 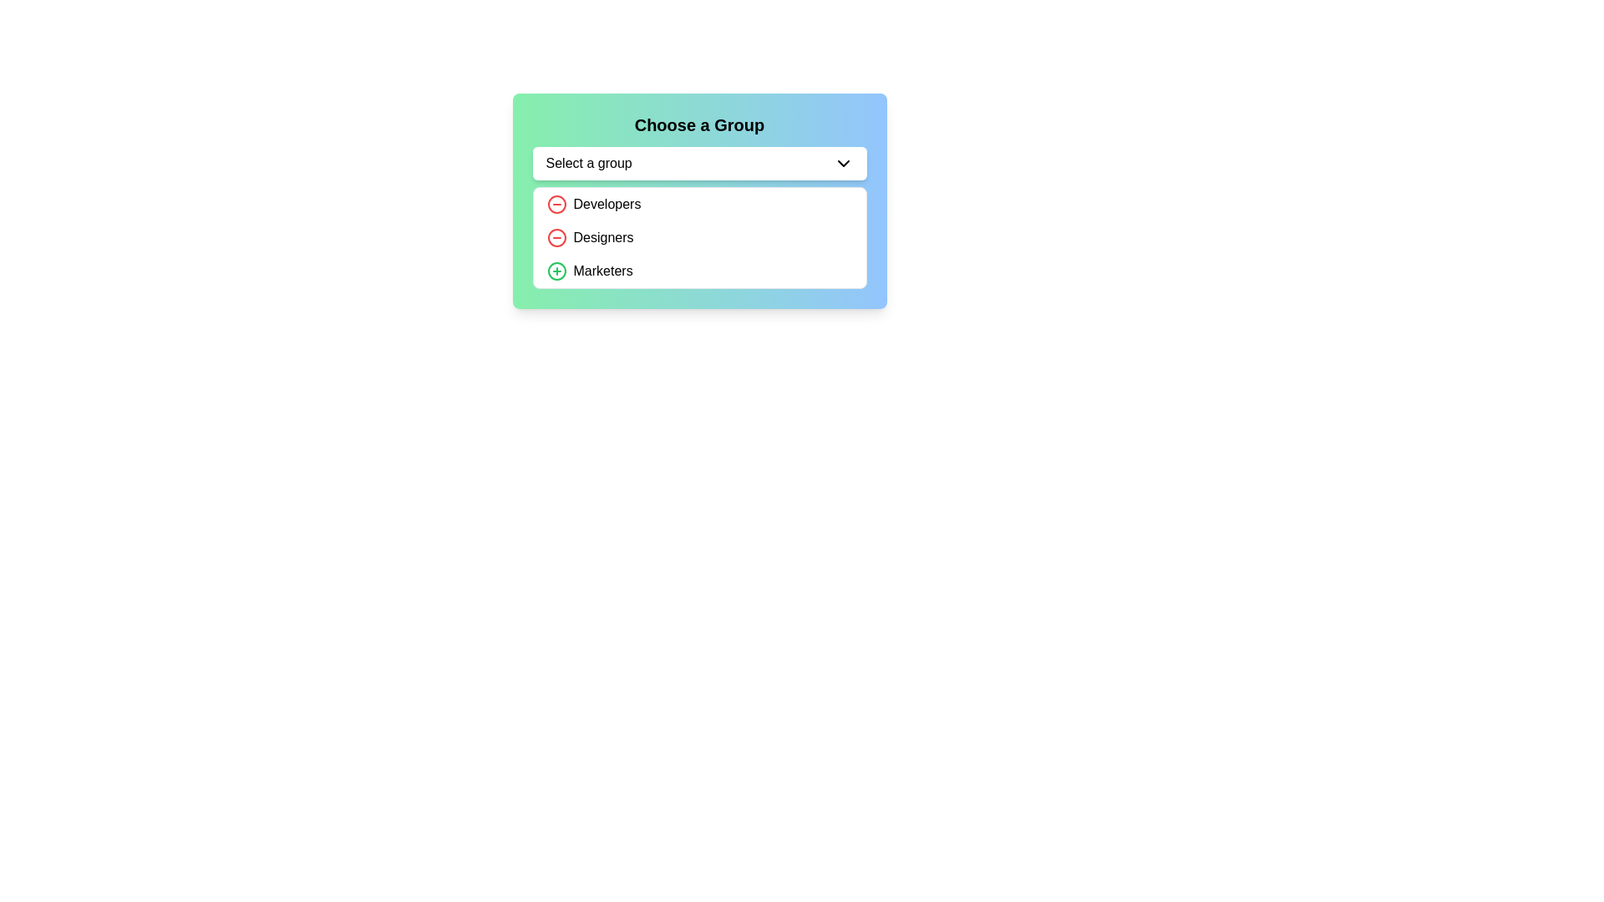 What do you see at coordinates (556, 204) in the screenshot?
I see `circular icon with a red border and white fill that contains a horizontal red line, located next to the text 'Designers' in the dropdown menu labeled 'Choose a Group'` at bounding box center [556, 204].